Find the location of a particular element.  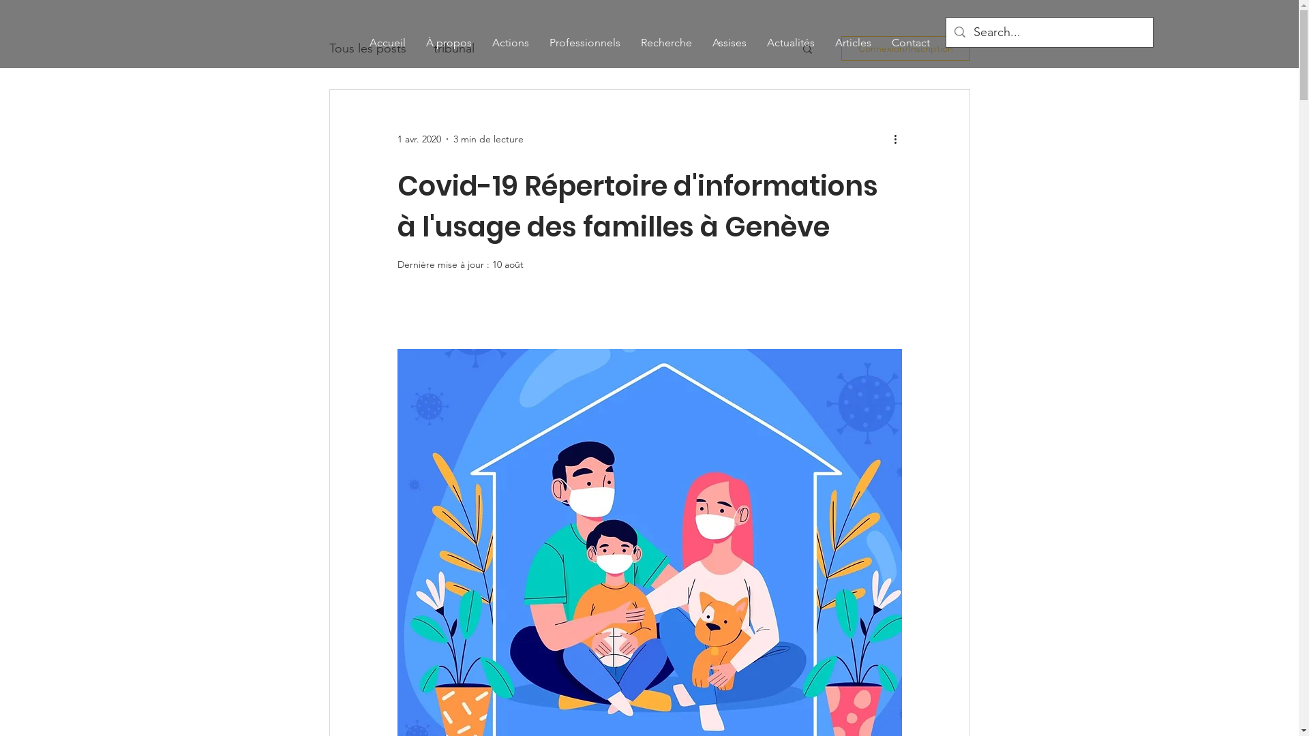

'Connexion/Inscription' is located at coordinates (840, 47).